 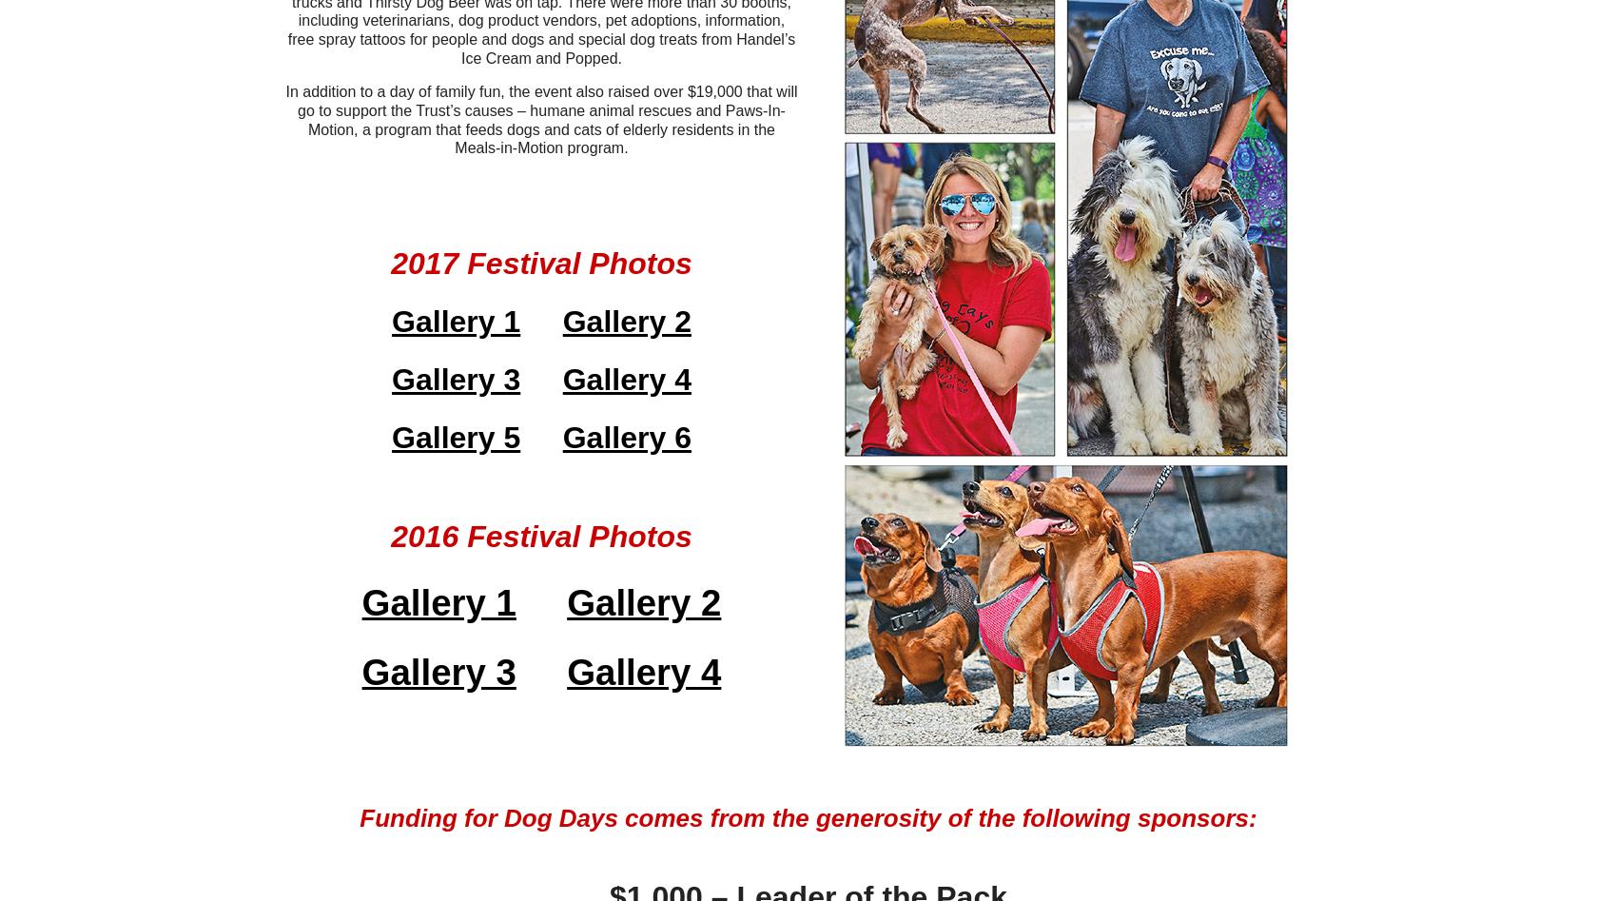 What do you see at coordinates (539, 119) in the screenshot?
I see `'In addition to a day of family fun, the event also raised over $19,000 that will go to support the Trust’s causes – humane animal rescues and Paws-In-Motion, a program that feeds dogs and cats of elderly residents in the Meals-in-Motion program.'` at bounding box center [539, 119].